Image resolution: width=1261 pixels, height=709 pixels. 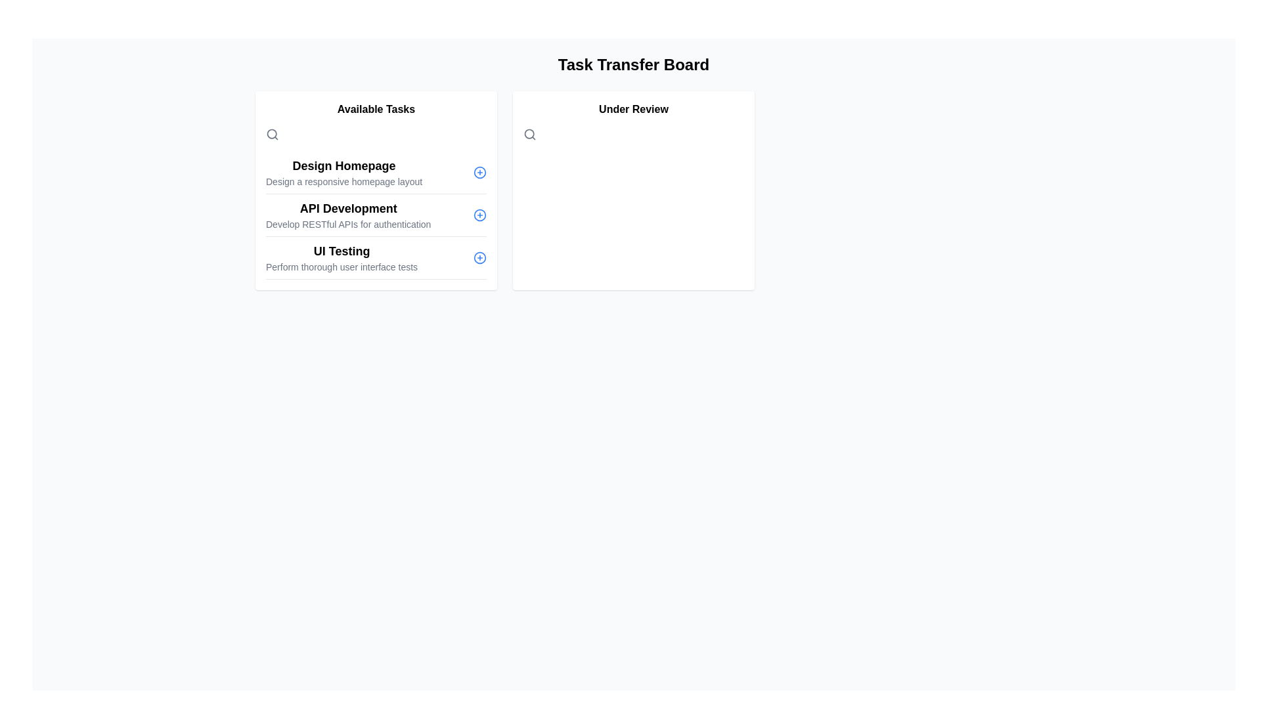 I want to click on the 'Under Review' text label which indicates the current category of items or tasks in the card under the 'Task Transfer Board', so click(x=633, y=108).